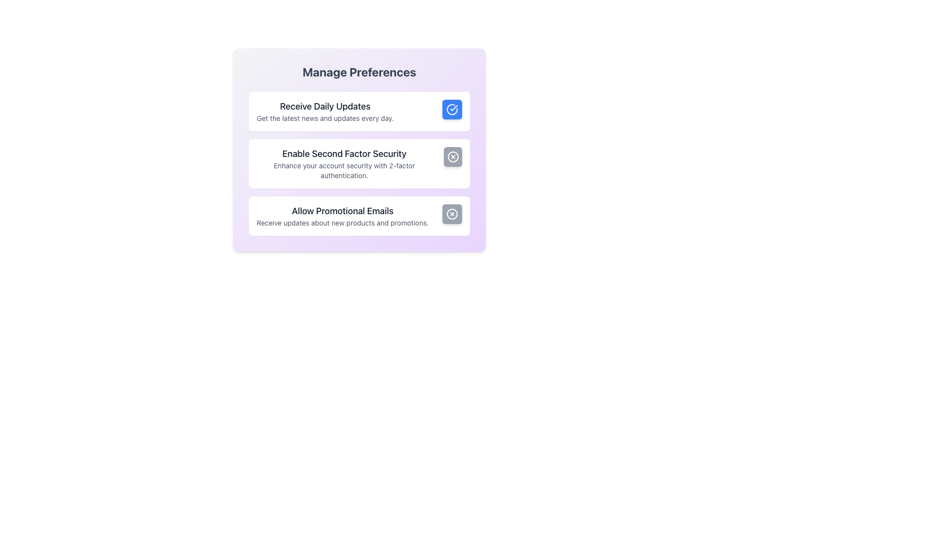 This screenshot has width=948, height=533. Describe the element at coordinates (344, 170) in the screenshot. I see `descriptive text element that states 'Enhance your account security with 2-factor authentication.', which is located below the title 'Enable Second Factor Security' in the 'Manage Preferences' section` at that location.